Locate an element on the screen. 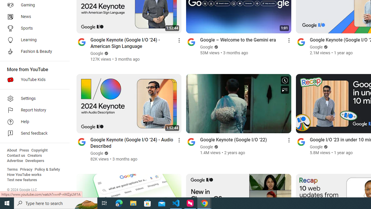 Image resolution: width=371 pixels, height=209 pixels. 'Go to channel' is located at coordinates (301, 142).